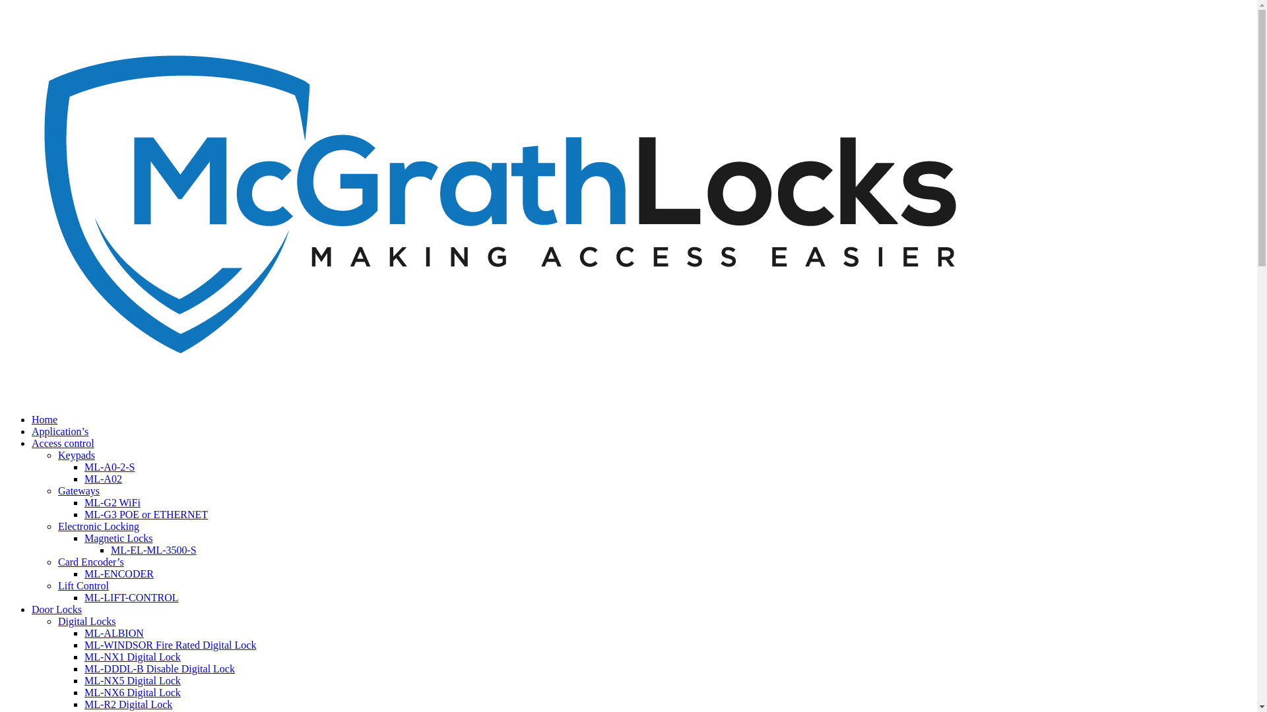 The image size is (1267, 712). What do you see at coordinates (114, 632) in the screenshot?
I see `'ML-ALBION'` at bounding box center [114, 632].